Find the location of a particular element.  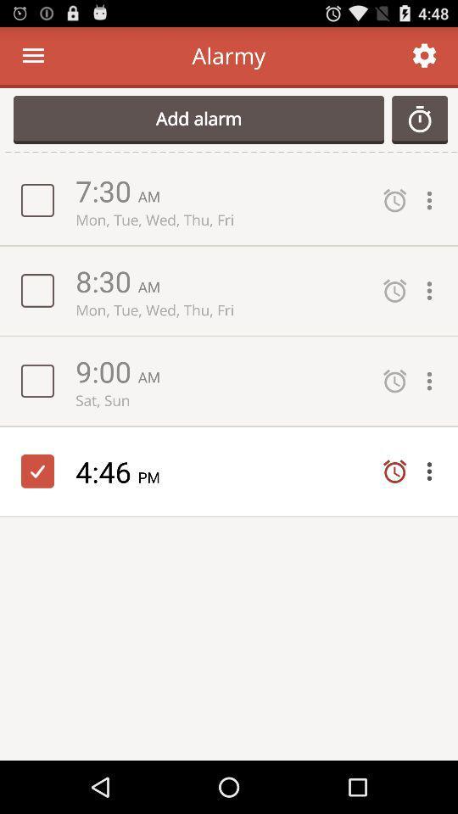

the pm icon is located at coordinates (154, 477).